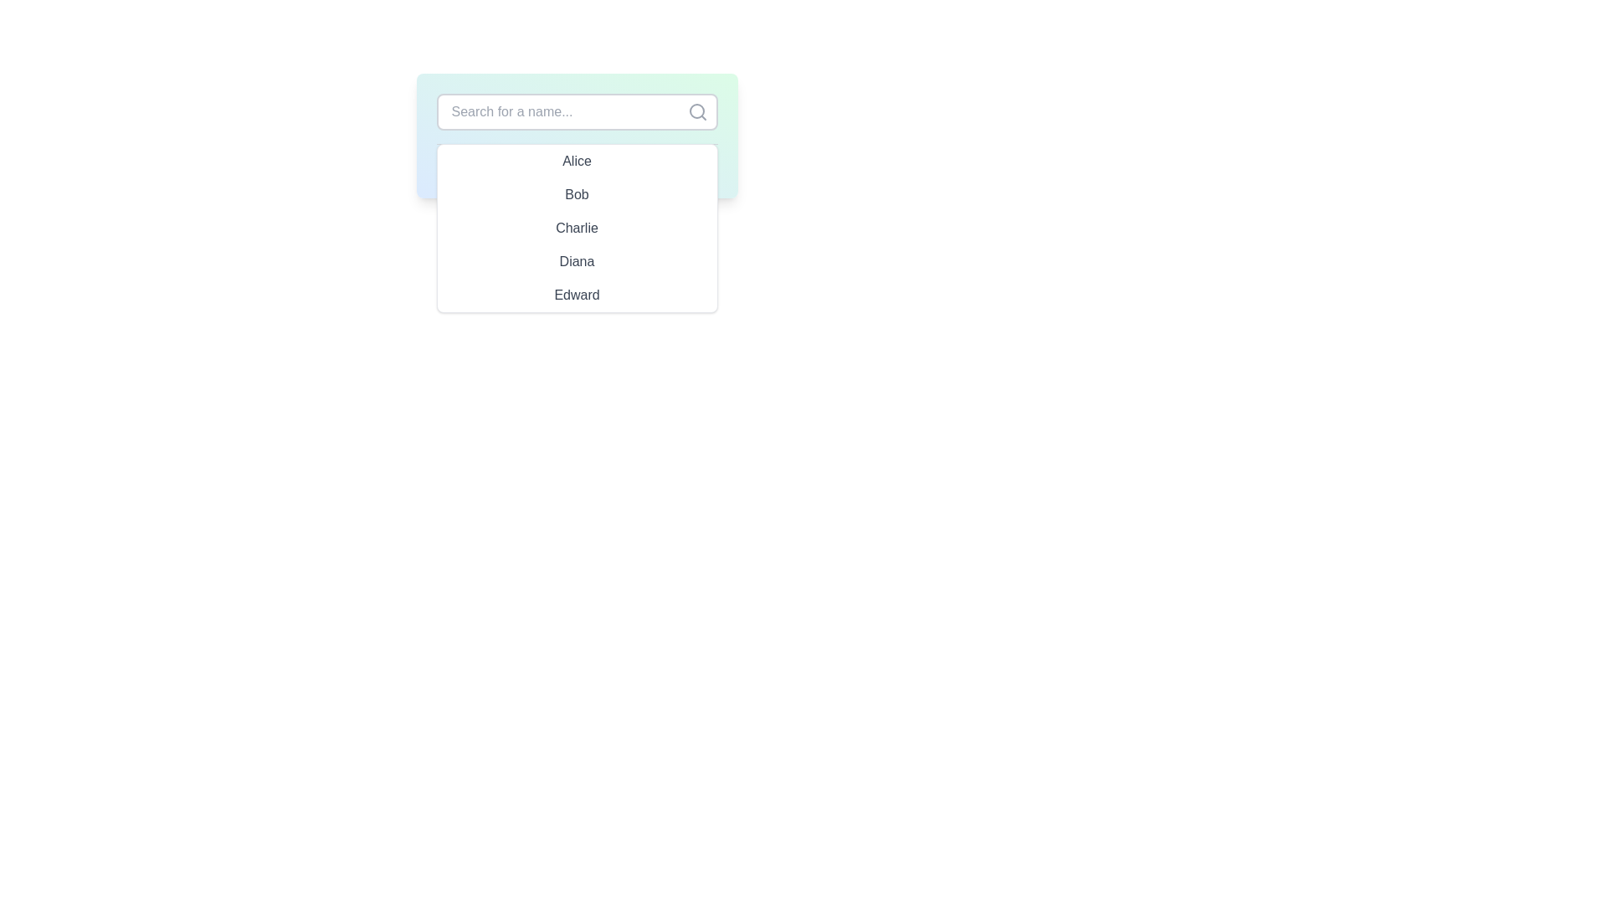 Image resolution: width=1607 pixels, height=904 pixels. I want to click on the text option labeled 'Charlie' in the dropdown menu, which is the third item in the list, so click(577, 229).